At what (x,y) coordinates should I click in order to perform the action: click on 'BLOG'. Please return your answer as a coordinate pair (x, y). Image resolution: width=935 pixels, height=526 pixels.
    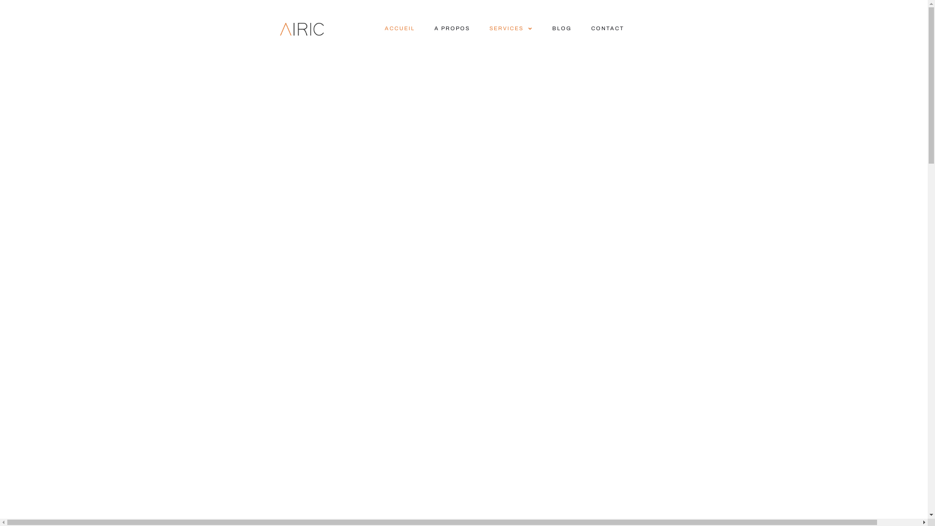
    Looking at the image, I should click on (561, 28).